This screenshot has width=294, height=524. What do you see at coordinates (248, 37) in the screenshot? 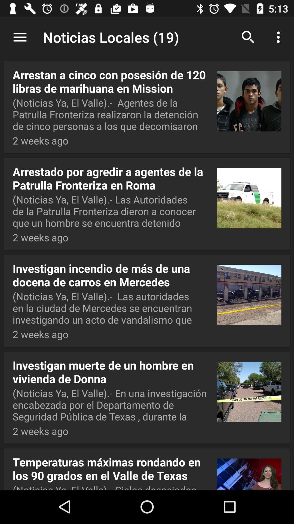
I see `item to the right of the noticias locales (19) icon` at bounding box center [248, 37].